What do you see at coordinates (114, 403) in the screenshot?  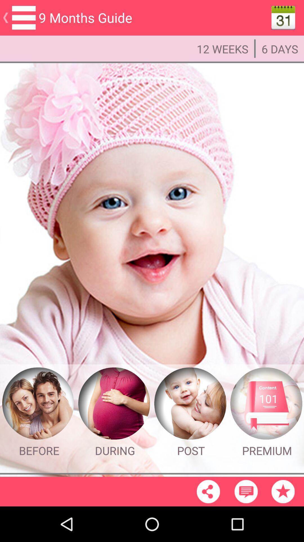 I see `the during page` at bounding box center [114, 403].